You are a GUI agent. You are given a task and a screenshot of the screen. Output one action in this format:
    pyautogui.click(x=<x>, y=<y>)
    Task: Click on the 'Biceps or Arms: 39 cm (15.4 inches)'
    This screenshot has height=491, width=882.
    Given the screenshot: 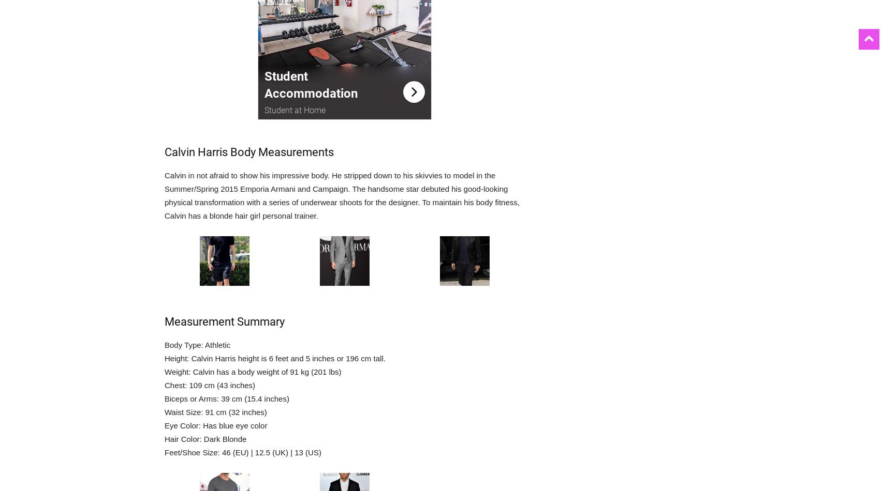 What is the action you would take?
    pyautogui.click(x=226, y=398)
    